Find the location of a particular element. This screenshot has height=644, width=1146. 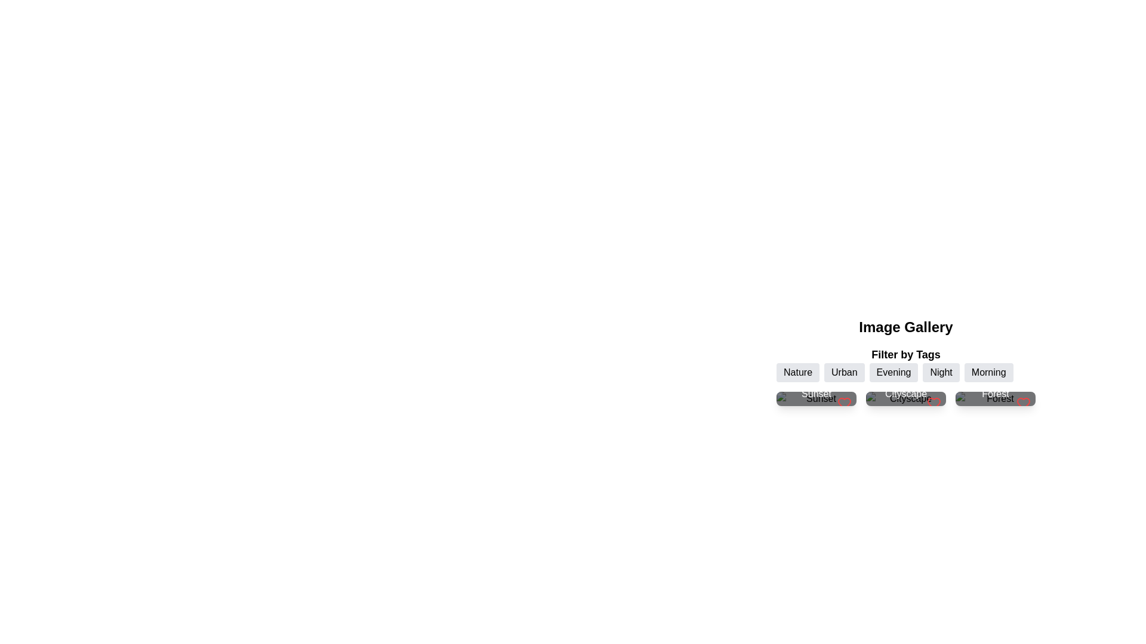

the favorite icon located in the top-right corner of the 'Sunset' card is located at coordinates (844, 403).